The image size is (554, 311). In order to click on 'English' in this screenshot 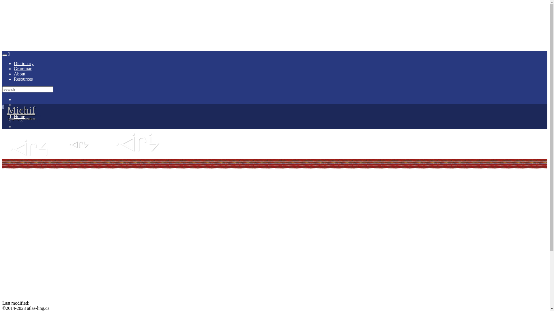, I will do `click(14, 105)`.